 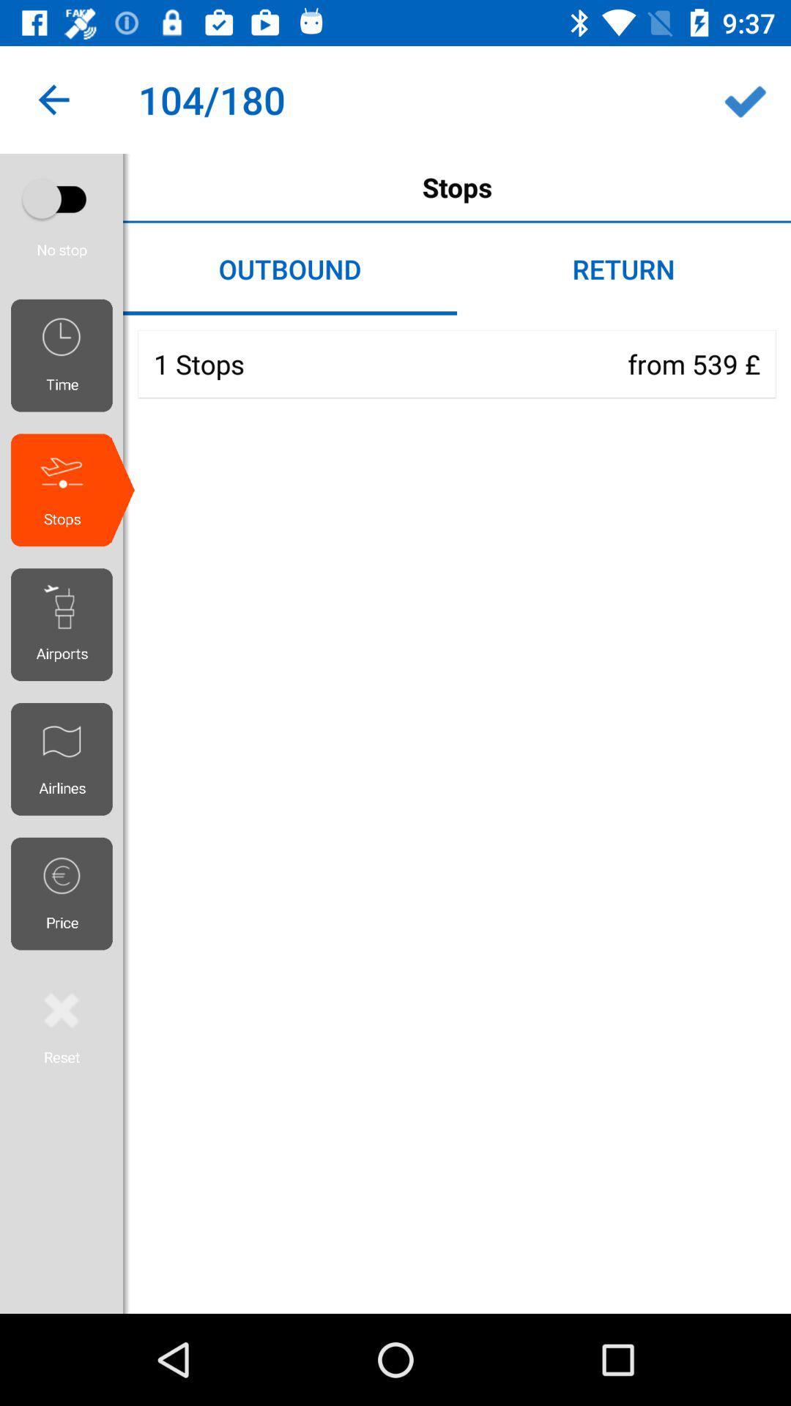 What do you see at coordinates (61, 198) in the screenshot?
I see `show only non-stop flights` at bounding box center [61, 198].